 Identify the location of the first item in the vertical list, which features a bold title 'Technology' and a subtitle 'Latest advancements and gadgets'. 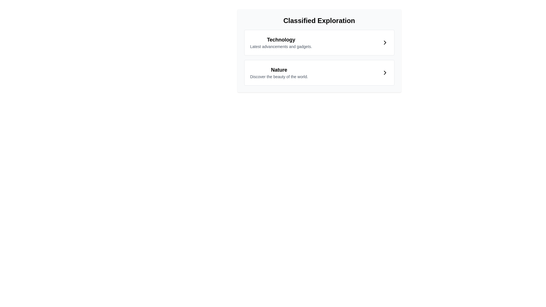
(281, 42).